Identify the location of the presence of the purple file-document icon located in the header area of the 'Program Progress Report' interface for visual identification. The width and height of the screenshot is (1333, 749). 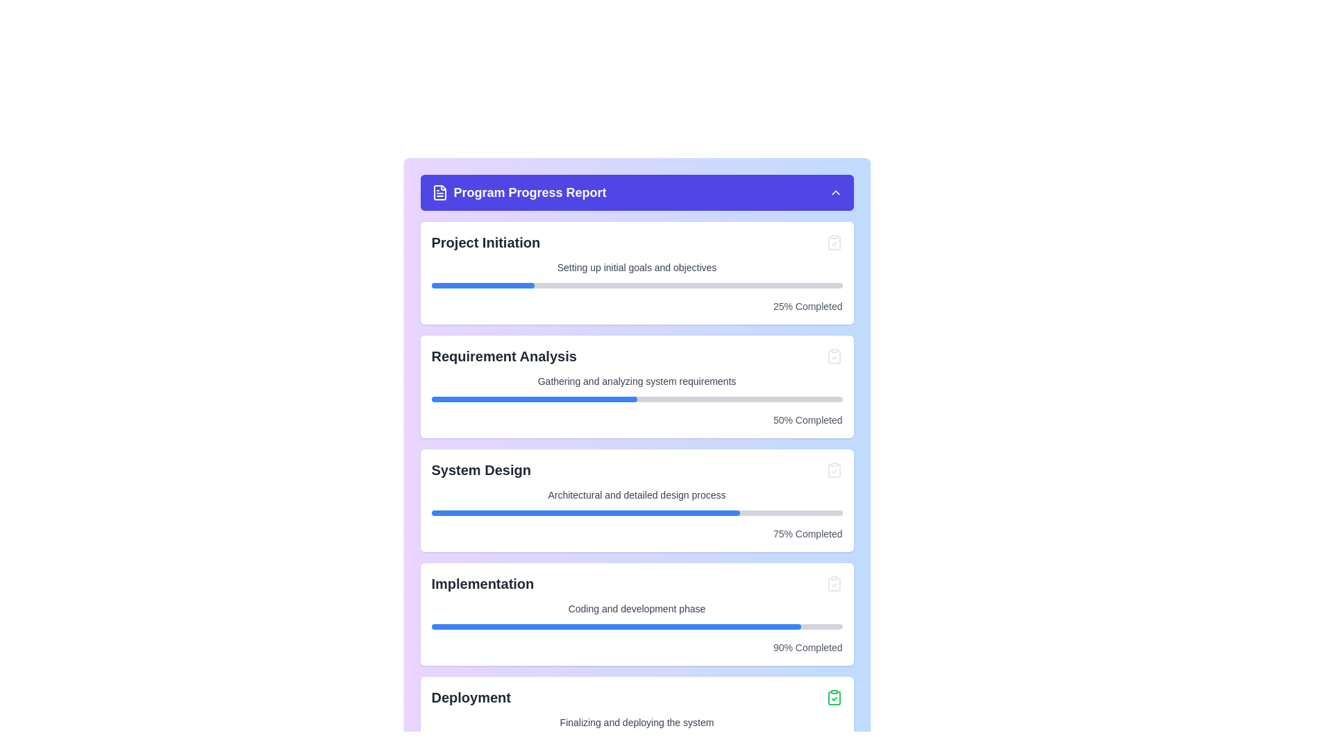
(439, 192).